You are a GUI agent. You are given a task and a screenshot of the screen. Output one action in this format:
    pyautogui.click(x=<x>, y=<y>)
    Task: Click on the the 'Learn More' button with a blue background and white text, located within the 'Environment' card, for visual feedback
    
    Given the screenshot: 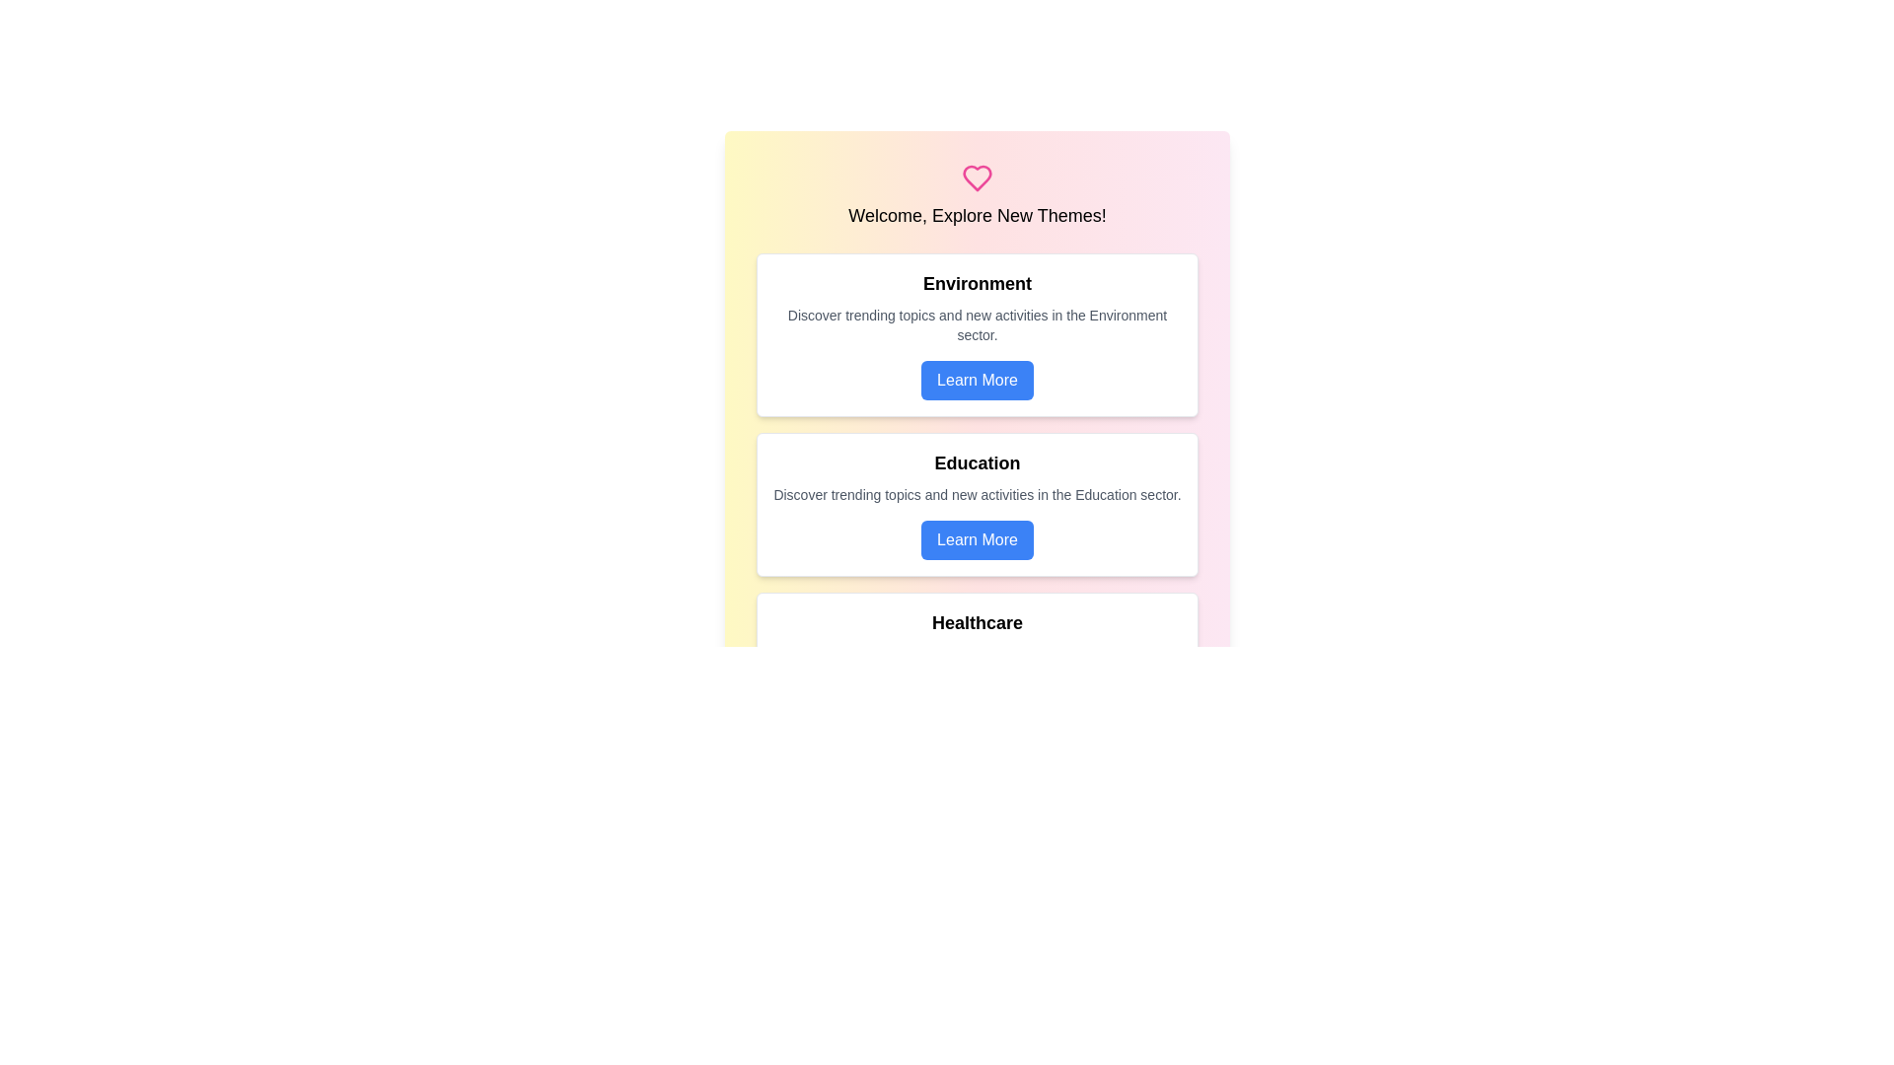 What is the action you would take?
    pyautogui.click(x=977, y=380)
    